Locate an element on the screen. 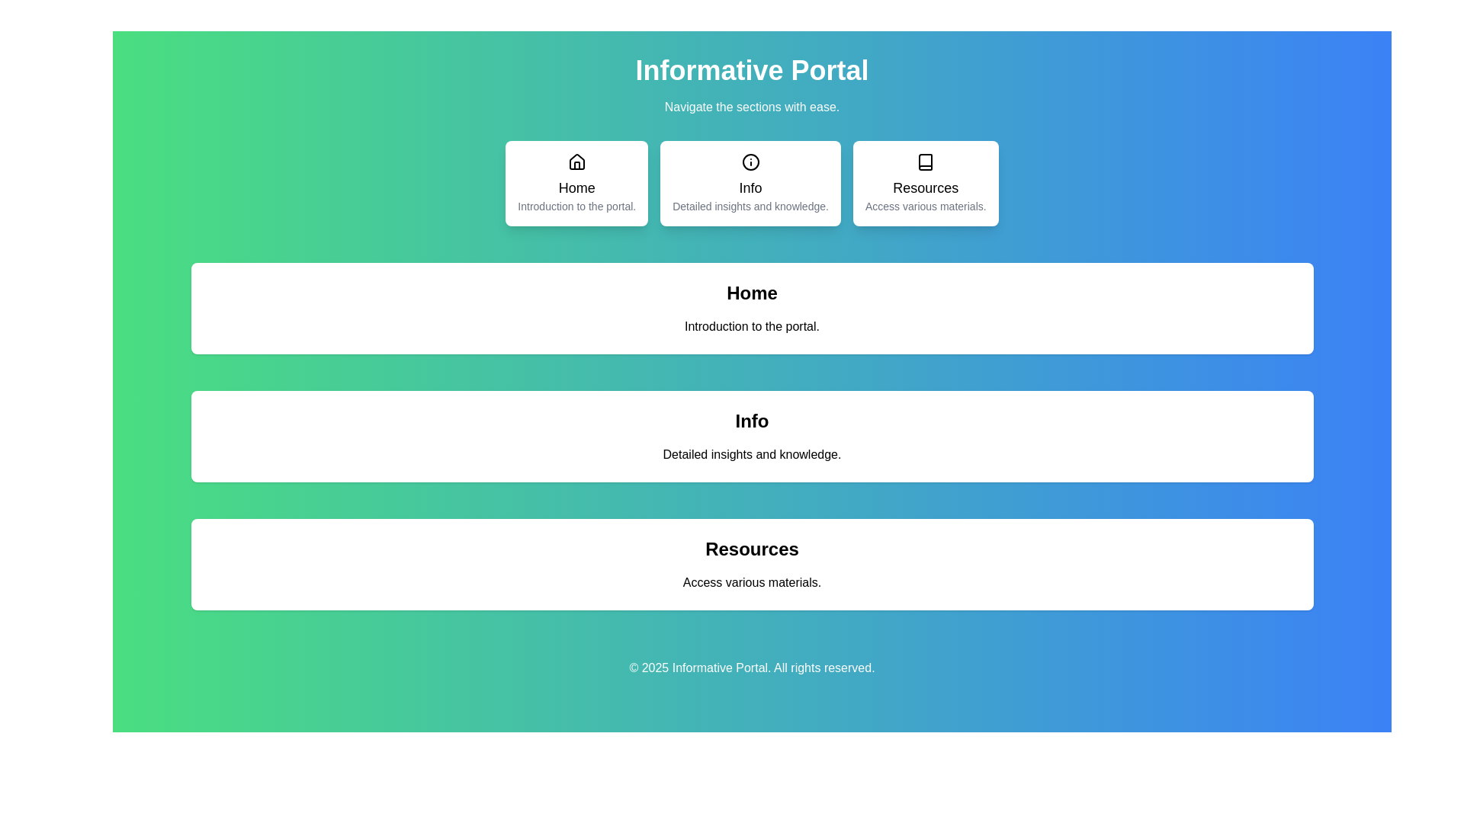 The width and height of the screenshot is (1464, 823). the 'Resources' heading in the third card from the left to identify the related section or feature is located at coordinates (925, 187).